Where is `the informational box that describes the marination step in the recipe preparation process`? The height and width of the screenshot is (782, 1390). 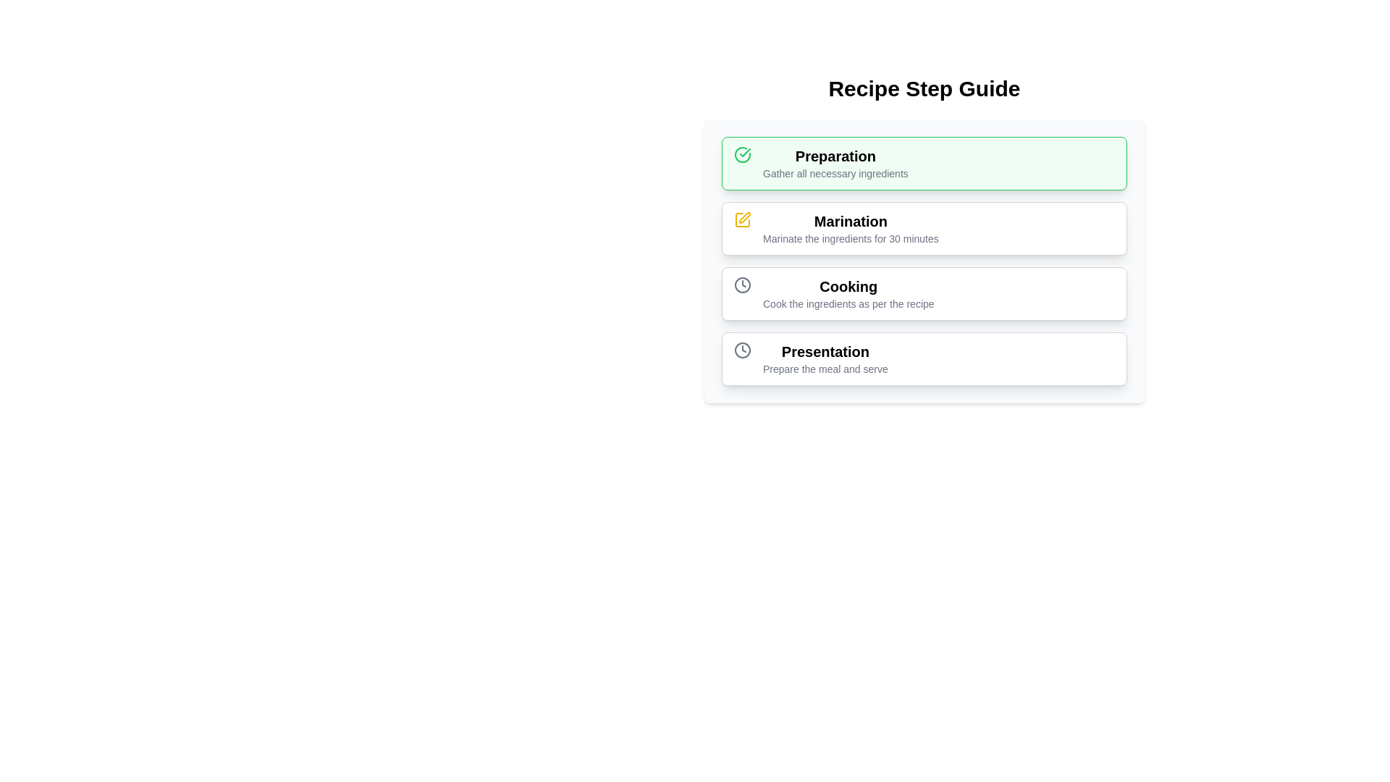 the informational box that describes the marination step in the recipe preparation process is located at coordinates (923, 228).